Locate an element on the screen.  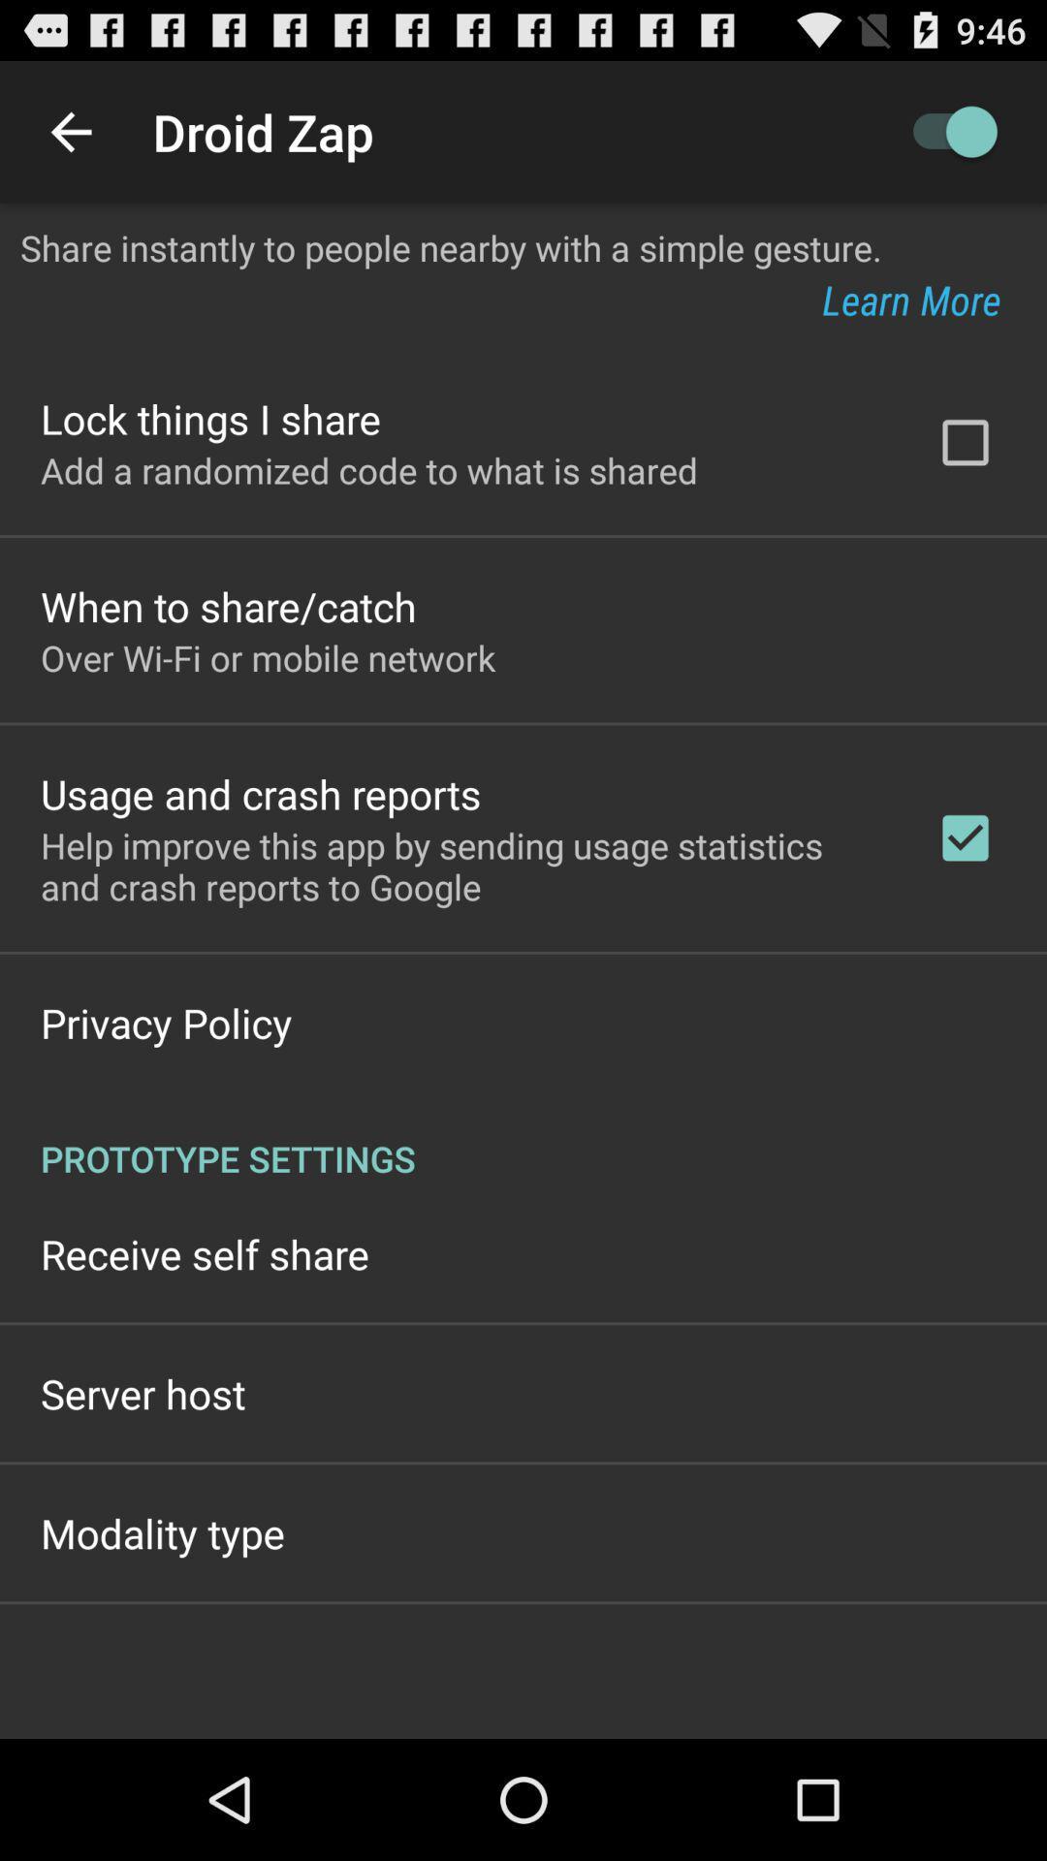
the app above usage and crash app is located at coordinates (268, 657).